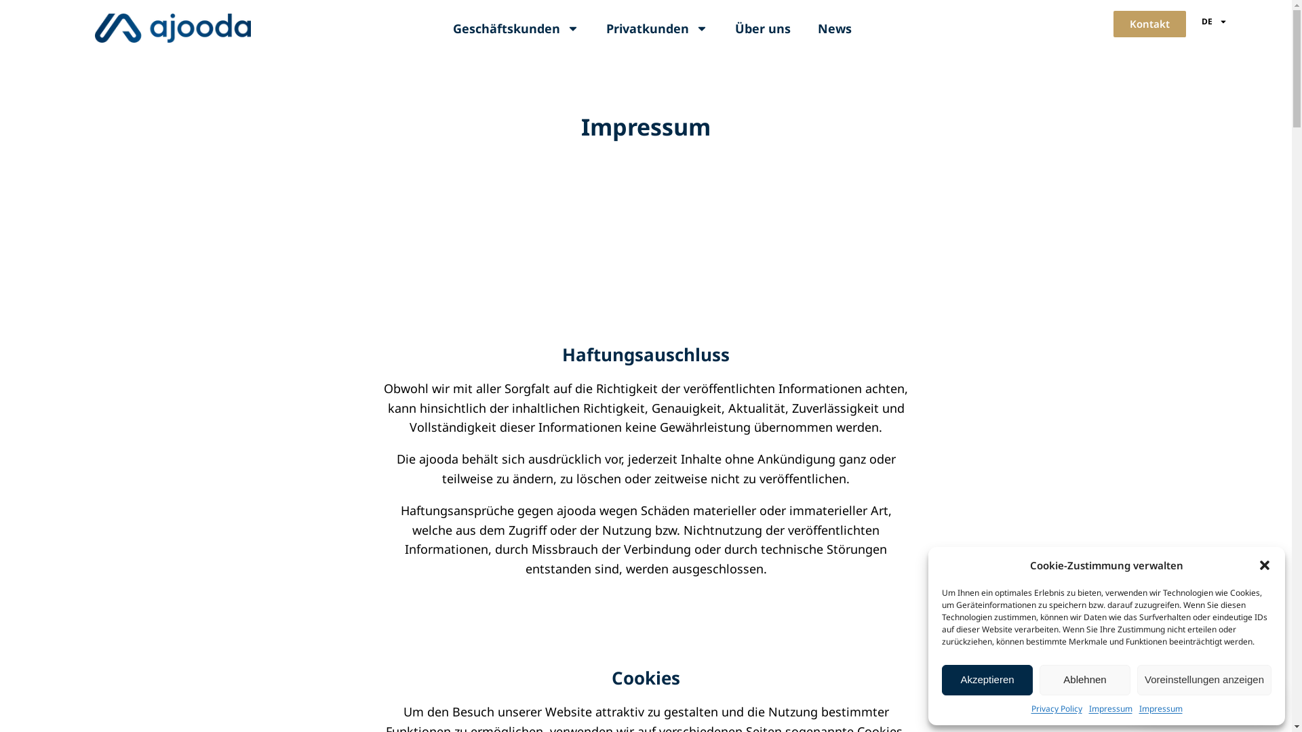  Describe the element at coordinates (1137, 680) in the screenshot. I see `'Voreinstellungen anzeigen'` at that location.